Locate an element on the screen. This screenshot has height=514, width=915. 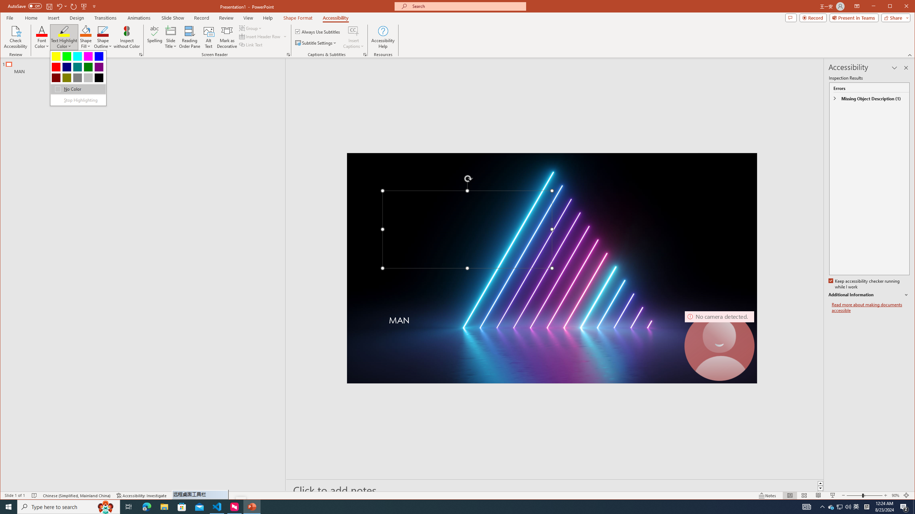
'Slide Title' is located at coordinates (170, 30).